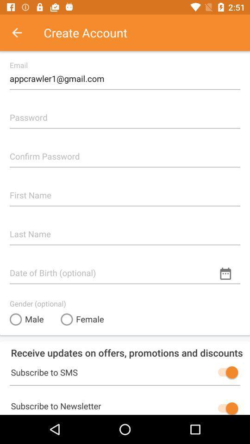 The image size is (250, 444). What do you see at coordinates (225, 372) in the screenshot?
I see `toggles the subscription to sms messages` at bounding box center [225, 372].